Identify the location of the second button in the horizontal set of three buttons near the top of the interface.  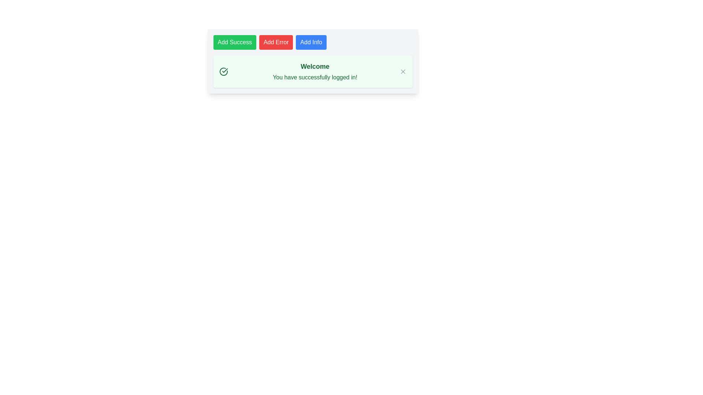
(276, 42).